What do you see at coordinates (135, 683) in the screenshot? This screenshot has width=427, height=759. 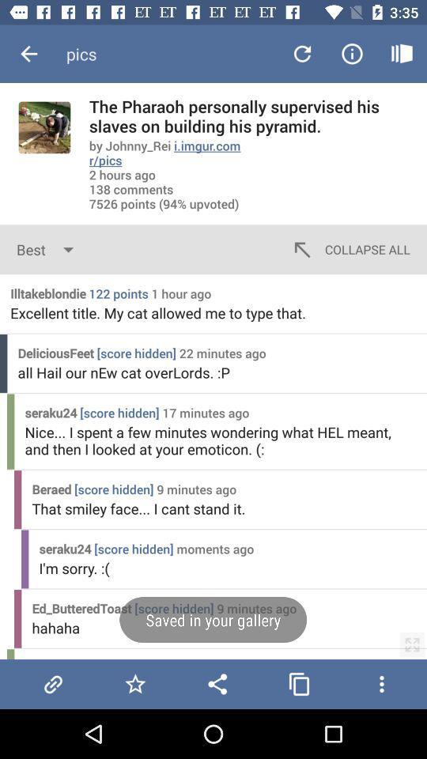 I see `this post to the starred posts list` at bounding box center [135, 683].